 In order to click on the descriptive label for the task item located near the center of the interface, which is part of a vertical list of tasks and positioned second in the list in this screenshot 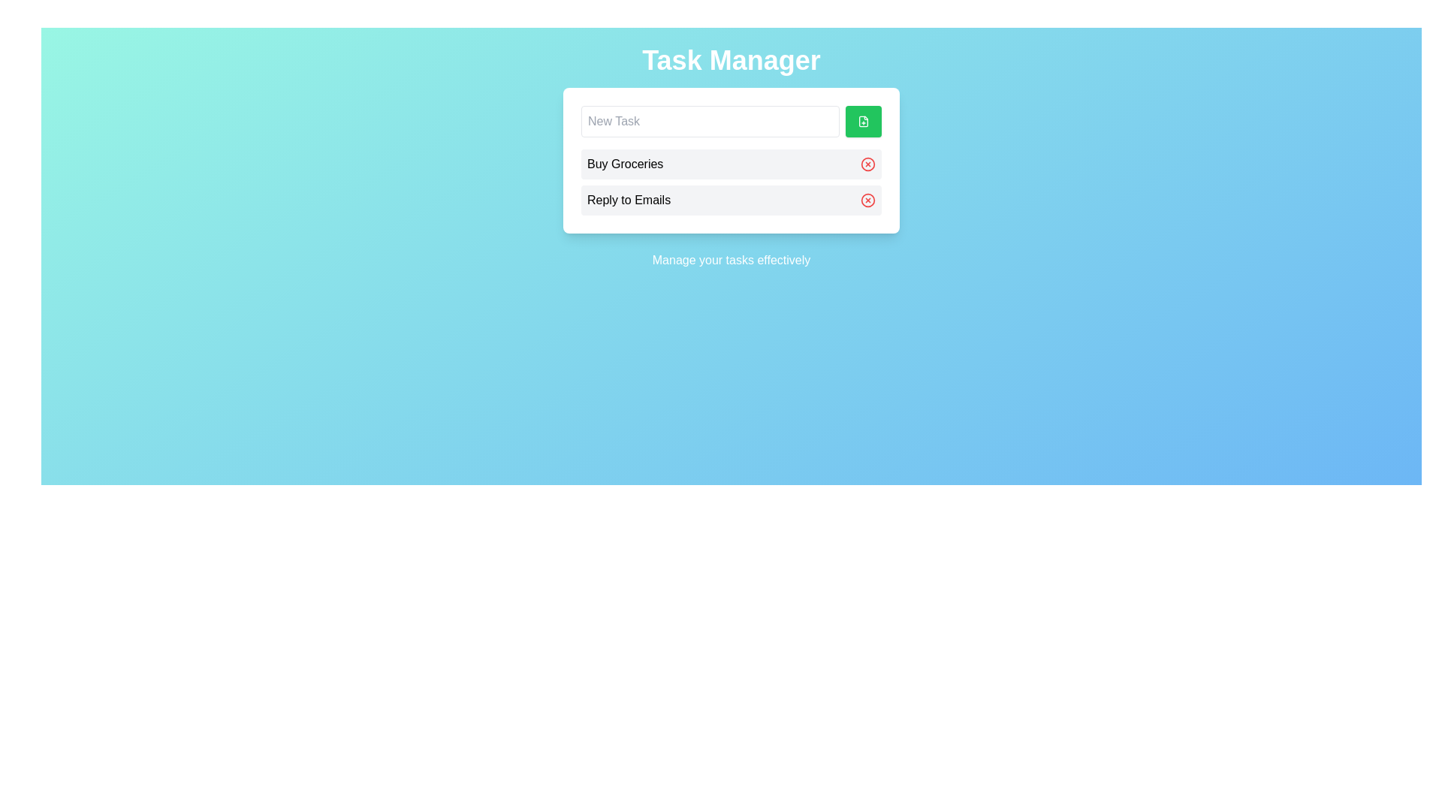, I will do `click(629, 199)`.